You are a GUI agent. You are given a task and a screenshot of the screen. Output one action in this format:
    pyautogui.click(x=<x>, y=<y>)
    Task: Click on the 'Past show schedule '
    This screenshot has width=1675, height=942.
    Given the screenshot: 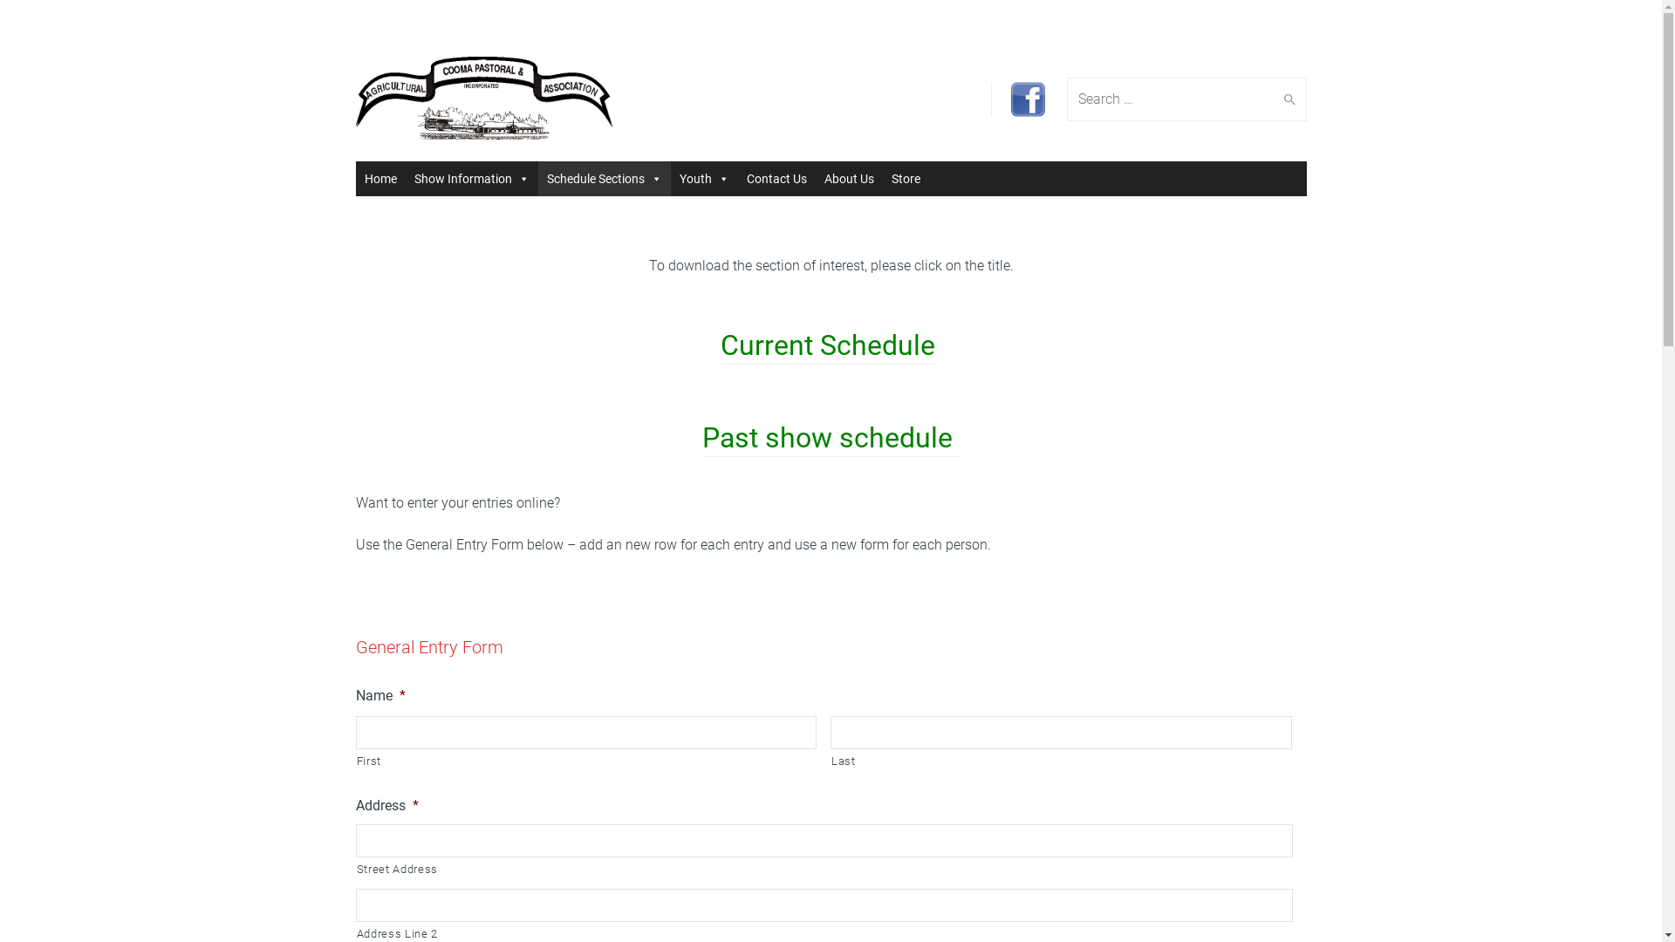 What is the action you would take?
    pyautogui.click(x=830, y=437)
    